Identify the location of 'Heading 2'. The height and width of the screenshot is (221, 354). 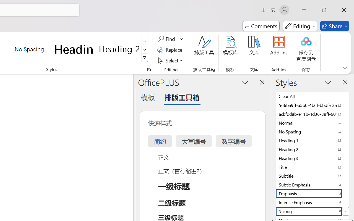
(119, 49).